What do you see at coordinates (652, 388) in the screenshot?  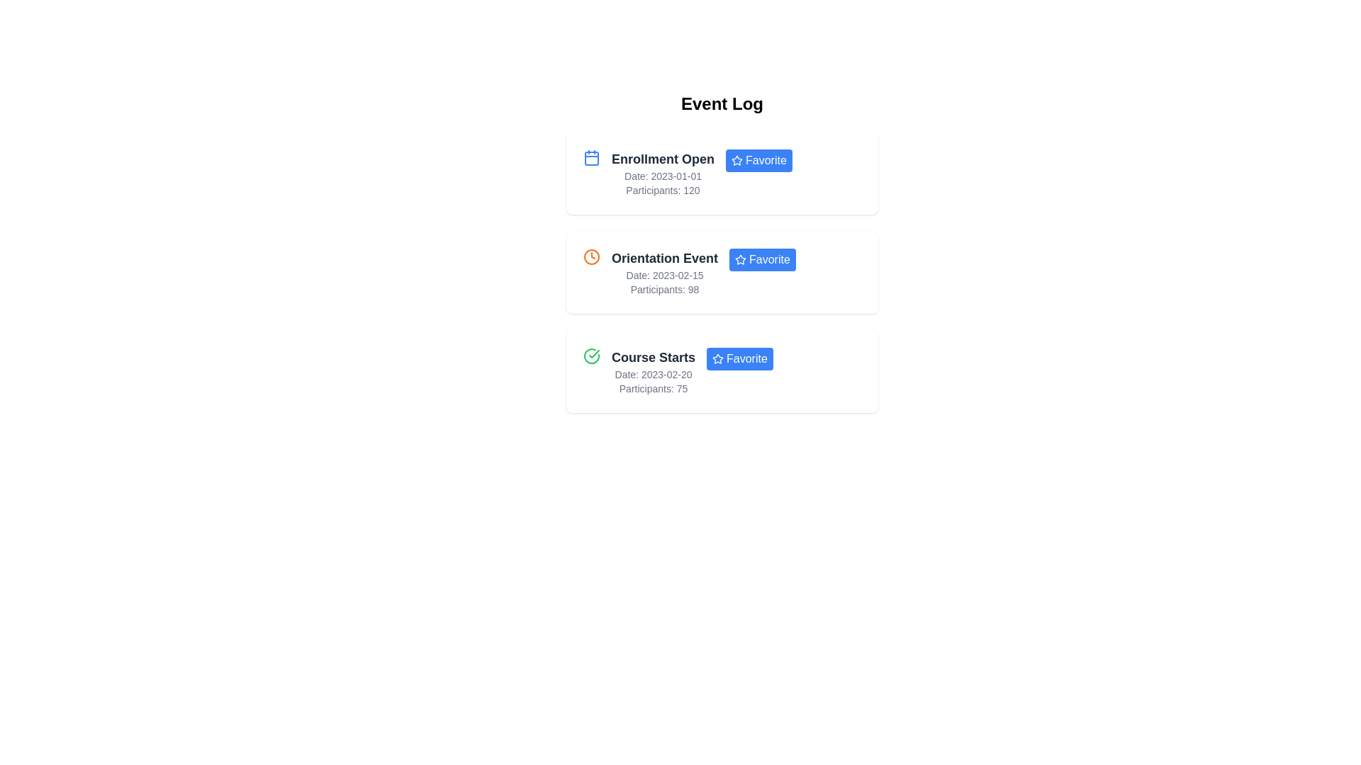 I see `content displayed in the text element that shows the number of participants for the 'Course Starts' event, located at the bottom of the 'Course Starts' block` at bounding box center [652, 388].